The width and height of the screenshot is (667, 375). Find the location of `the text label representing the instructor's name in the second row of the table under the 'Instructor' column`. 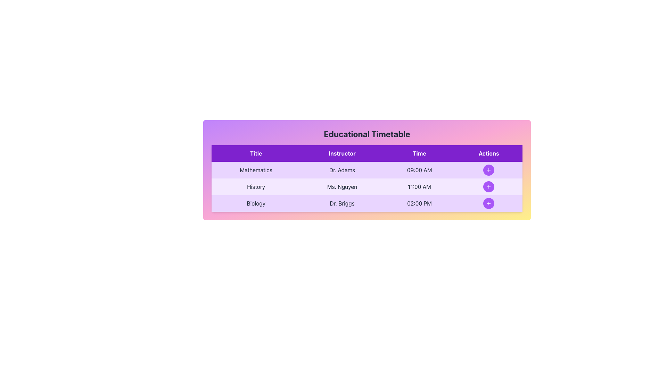

the text label representing the instructor's name in the second row of the table under the 'Instructor' column is located at coordinates (342, 186).